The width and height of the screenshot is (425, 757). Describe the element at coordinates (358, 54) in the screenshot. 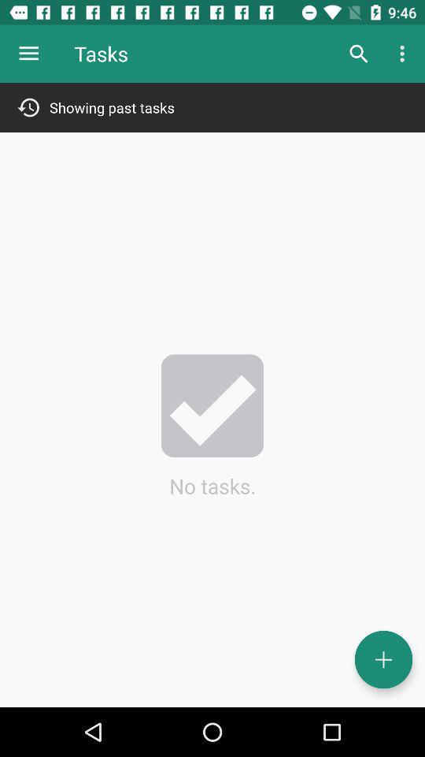

I see `the item next to tasks icon` at that location.